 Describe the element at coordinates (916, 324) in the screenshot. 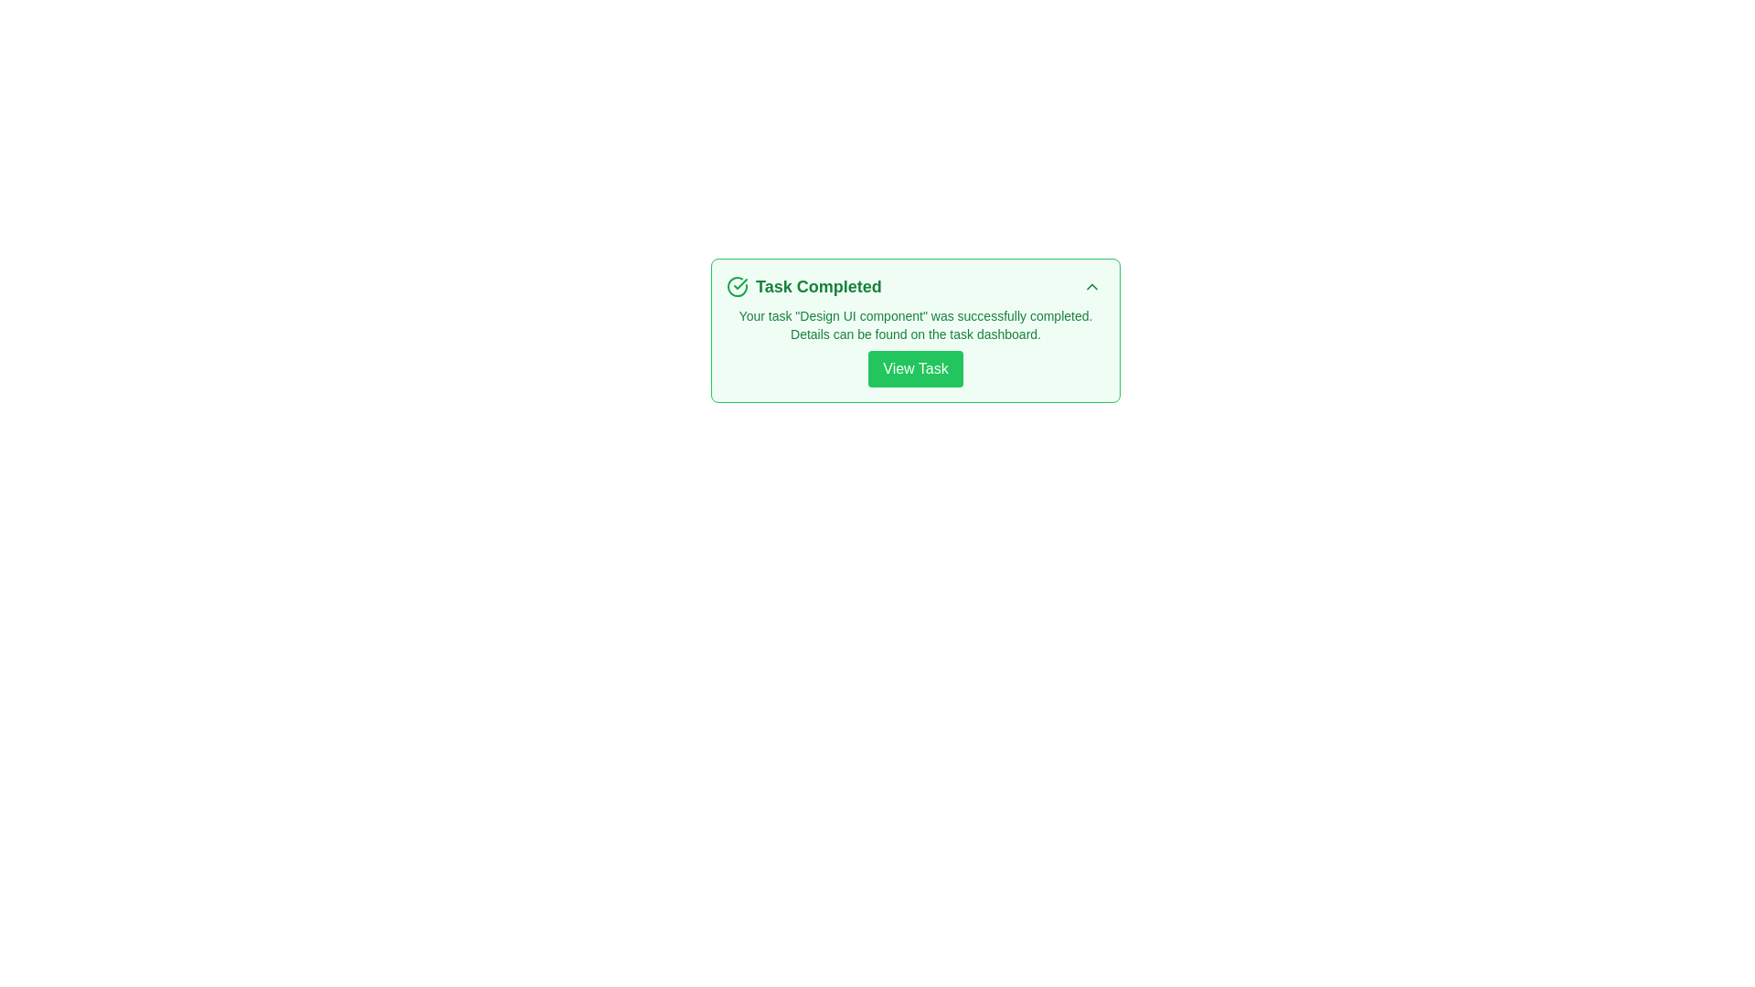

I see `the text block that states 'Your task "Design UI component" was successfully completed. Details can be found on the task dashboard.' within the light green notification box` at that location.